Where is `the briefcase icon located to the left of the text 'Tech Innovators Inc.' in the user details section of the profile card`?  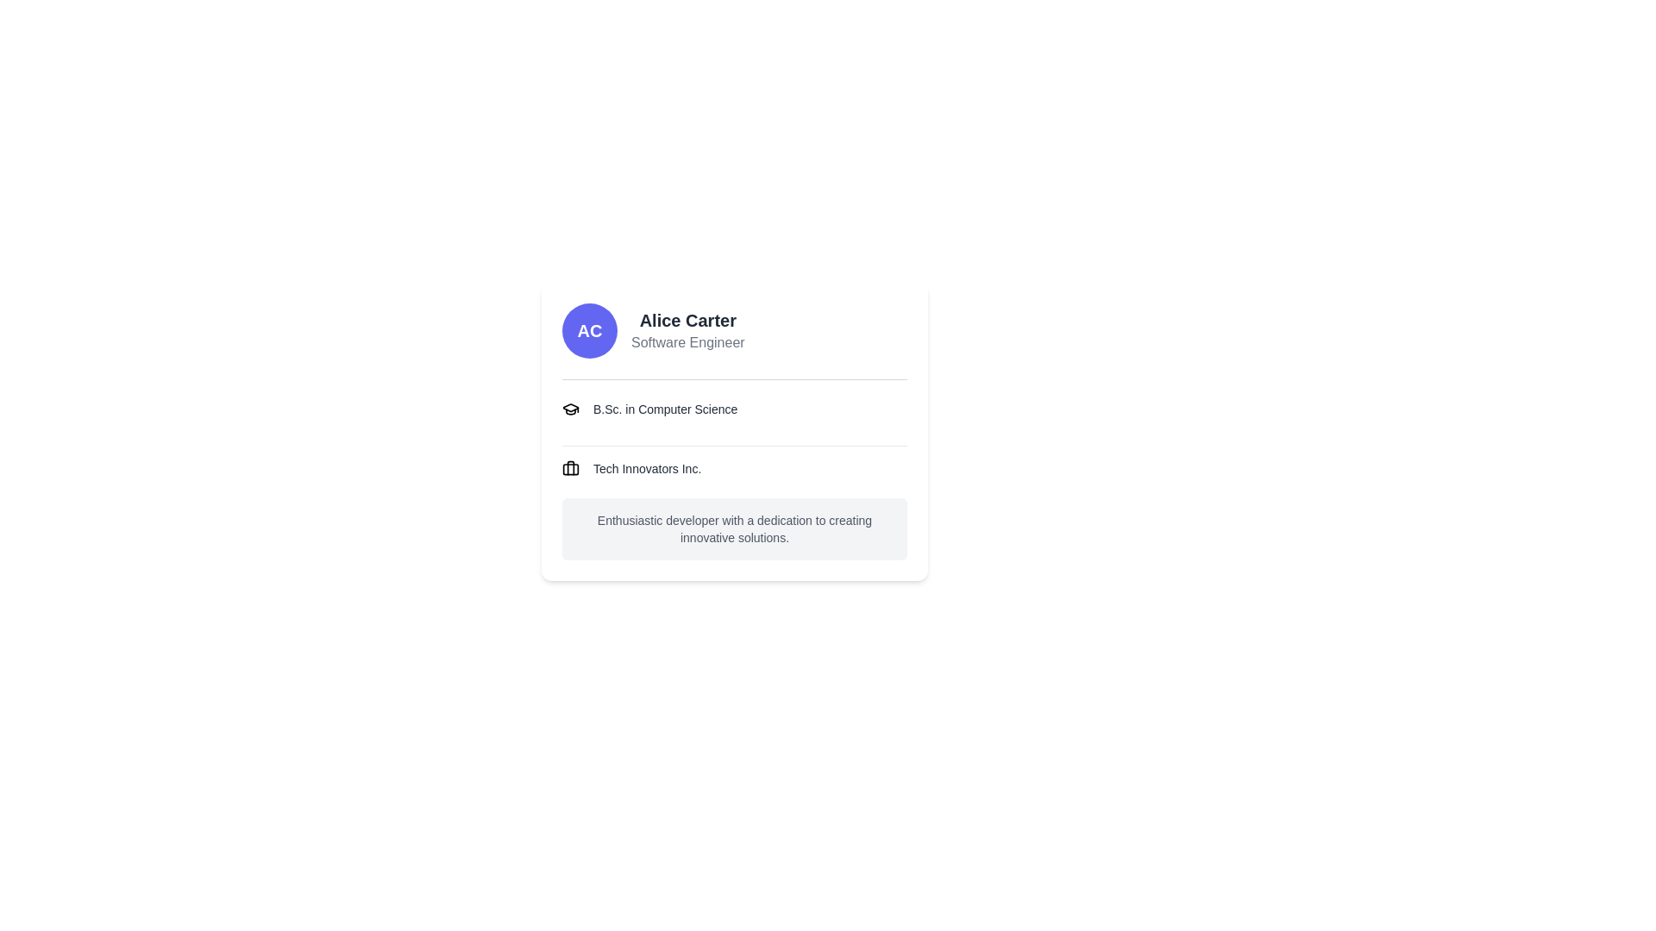 the briefcase icon located to the left of the text 'Tech Innovators Inc.' in the user details section of the profile card is located at coordinates (571, 468).